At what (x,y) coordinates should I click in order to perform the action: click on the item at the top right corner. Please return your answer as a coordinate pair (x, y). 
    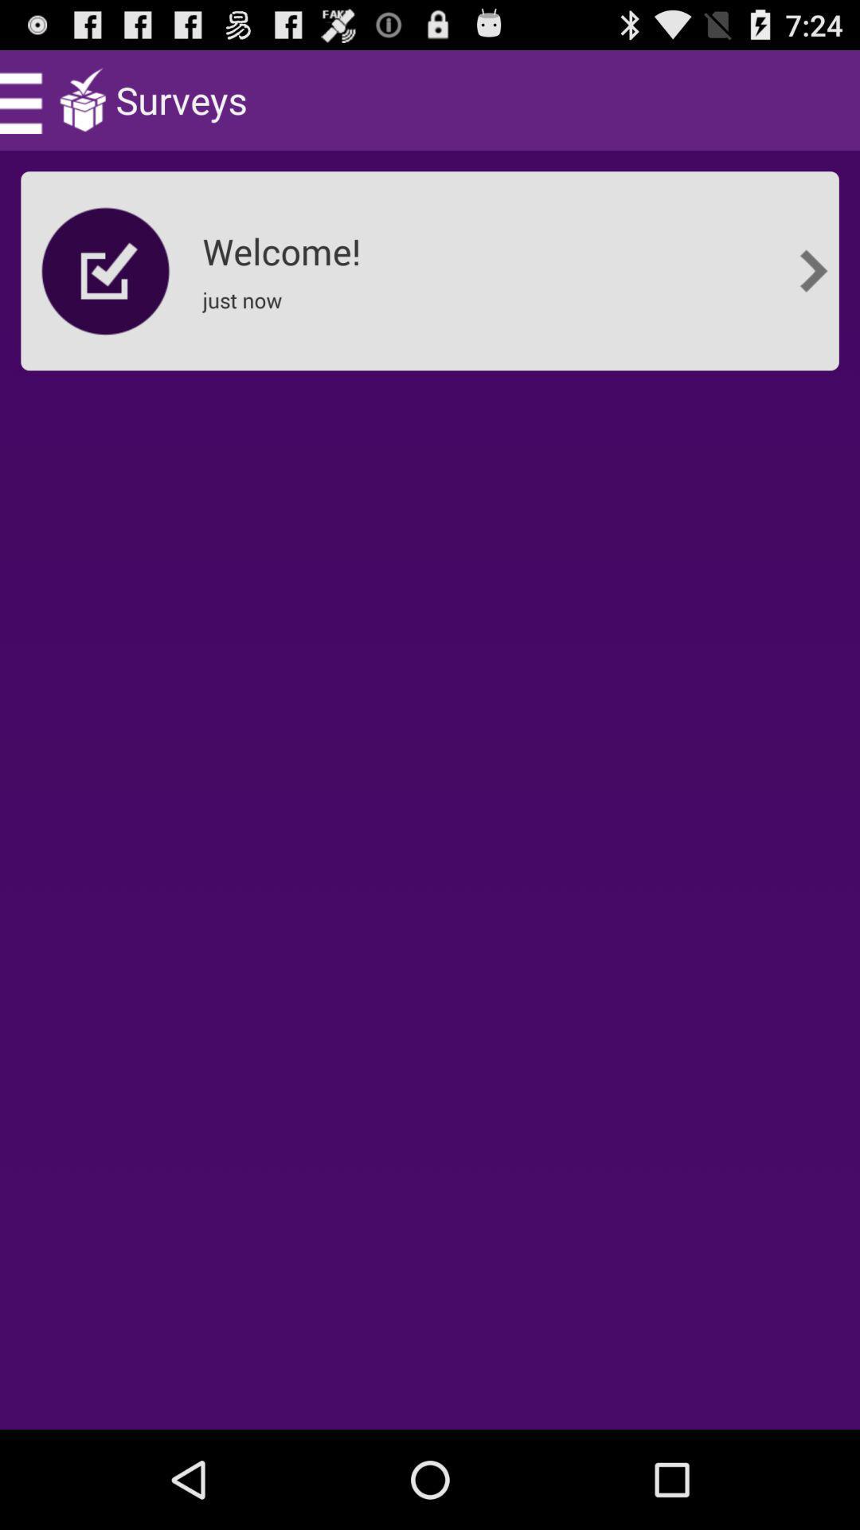
    Looking at the image, I should click on (813, 271).